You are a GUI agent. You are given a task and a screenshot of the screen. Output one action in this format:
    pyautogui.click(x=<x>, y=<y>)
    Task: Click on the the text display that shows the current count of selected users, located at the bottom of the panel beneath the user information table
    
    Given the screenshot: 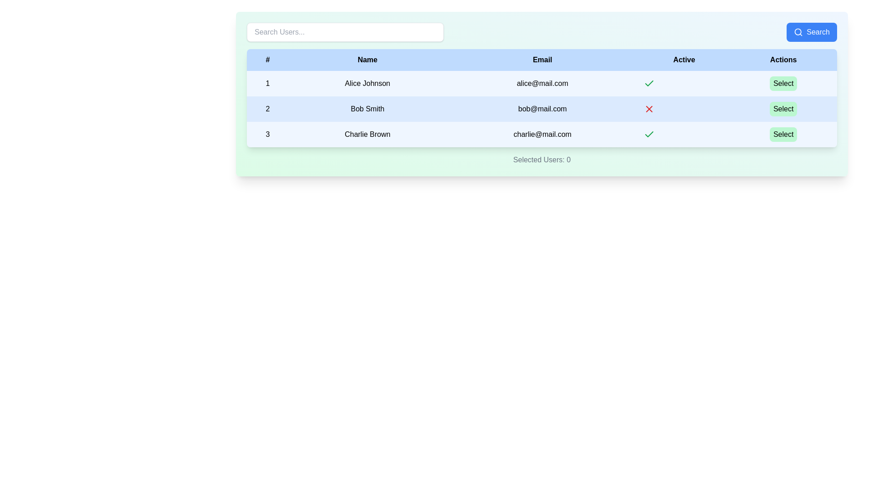 What is the action you would take?
    pyautogui.click(x=542, y=159)
    